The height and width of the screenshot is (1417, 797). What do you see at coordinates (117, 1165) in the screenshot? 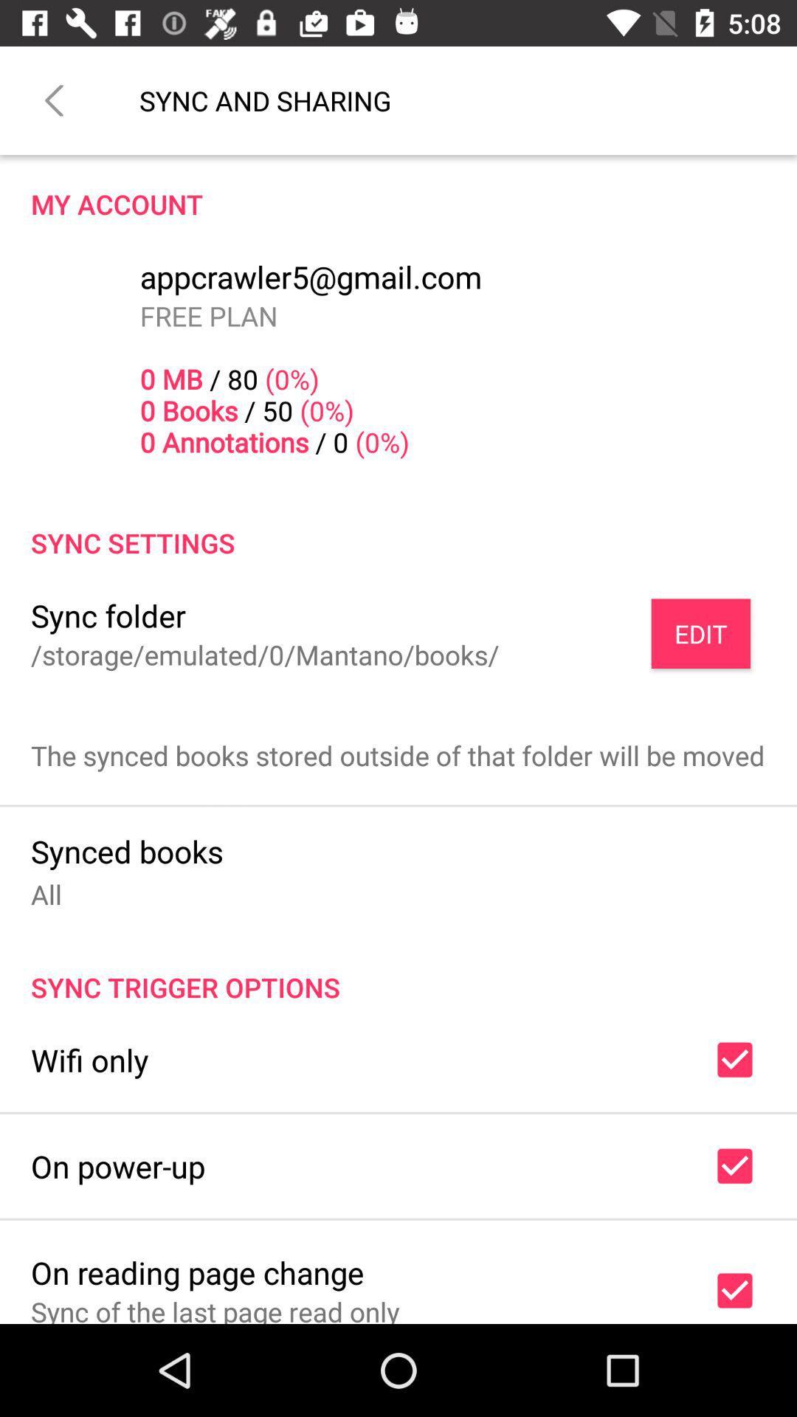
I see `the icon below wifi only item` at bounding box center [117, 1165].